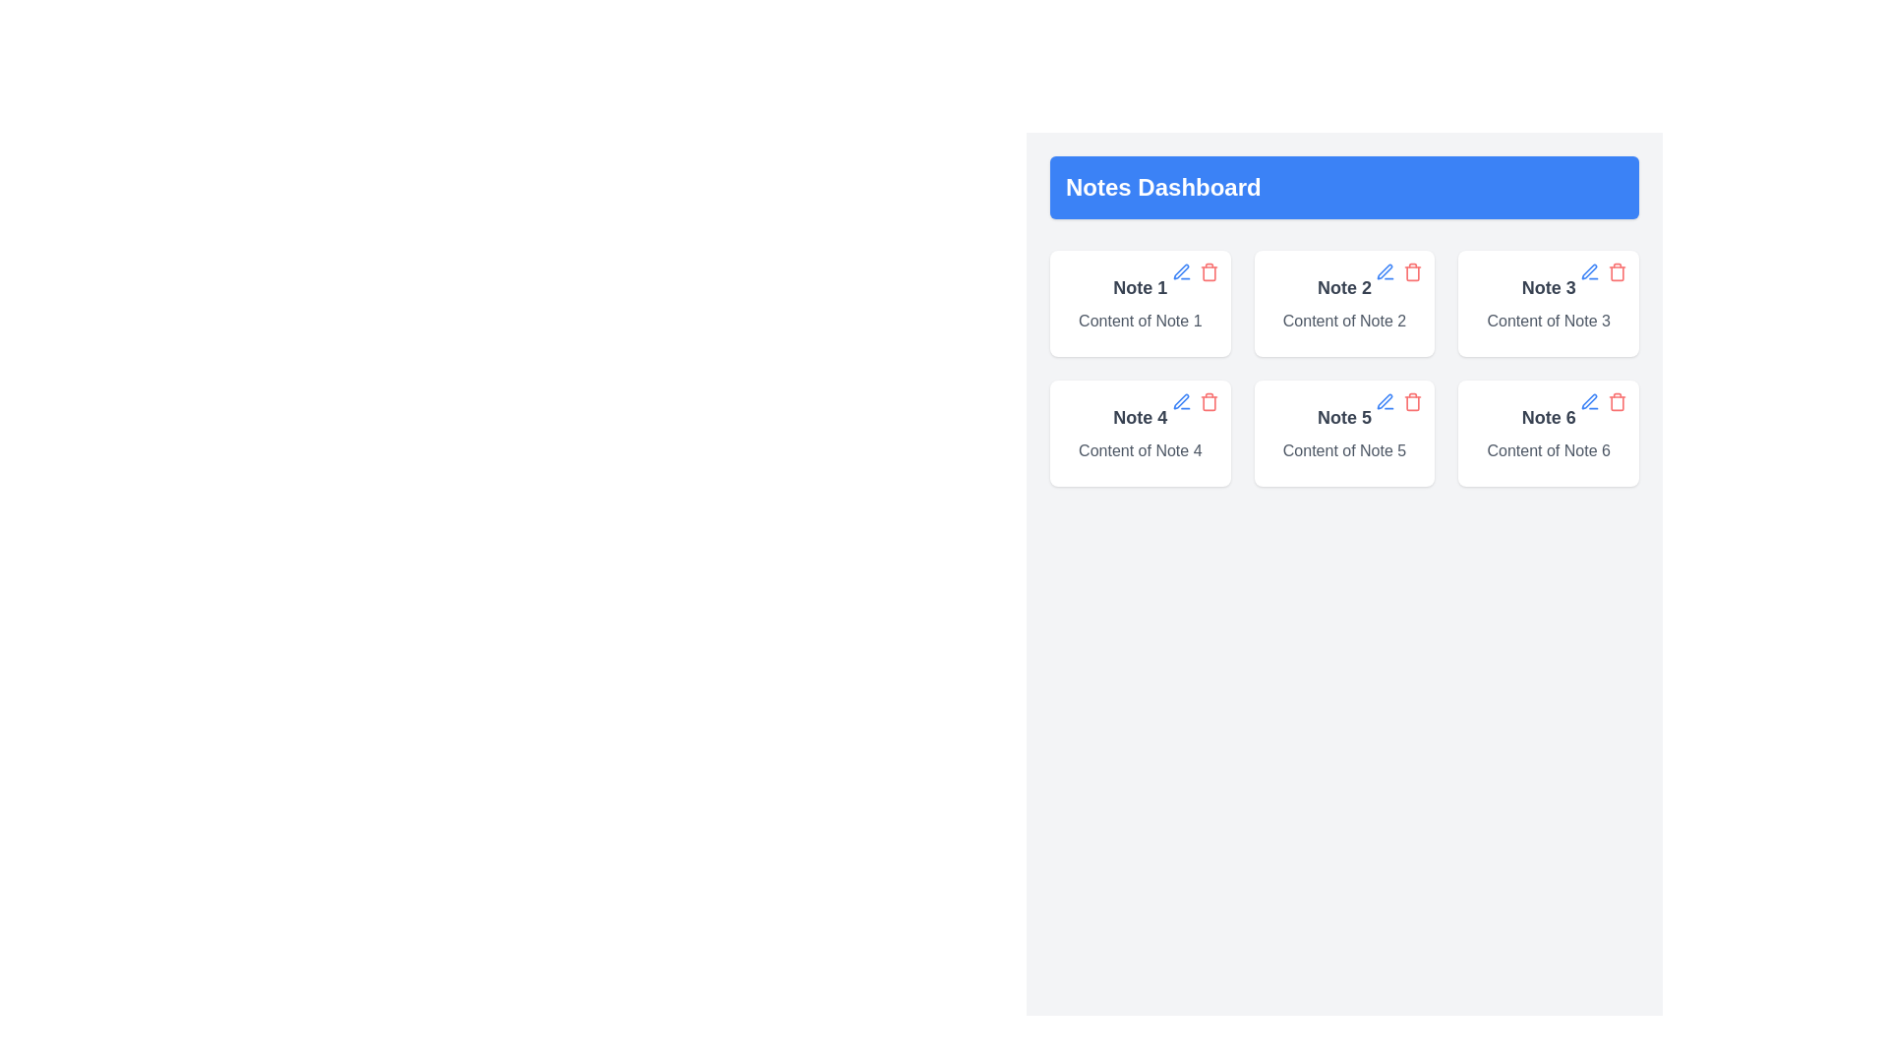  What do you see at coordinates (1343, 321) in the screenshot?
I see `the text label reading 'Content of Note 2', which is styled in medium gray and positioned below the title 'Note 2' in the second card of the notes grid` at bounding box center [1343, 321].